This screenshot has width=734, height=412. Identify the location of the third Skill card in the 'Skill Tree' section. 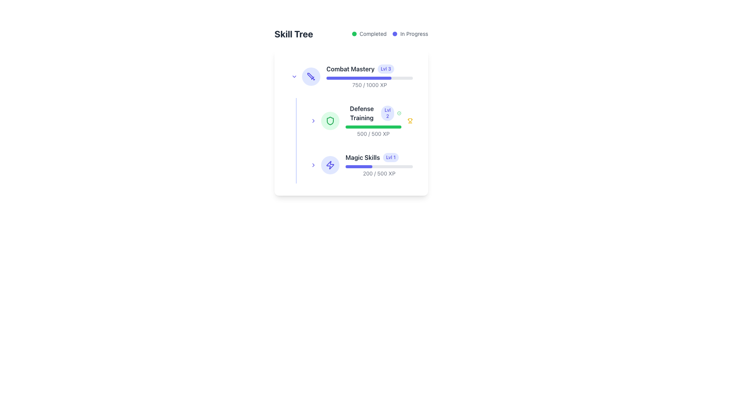
(361, 164).